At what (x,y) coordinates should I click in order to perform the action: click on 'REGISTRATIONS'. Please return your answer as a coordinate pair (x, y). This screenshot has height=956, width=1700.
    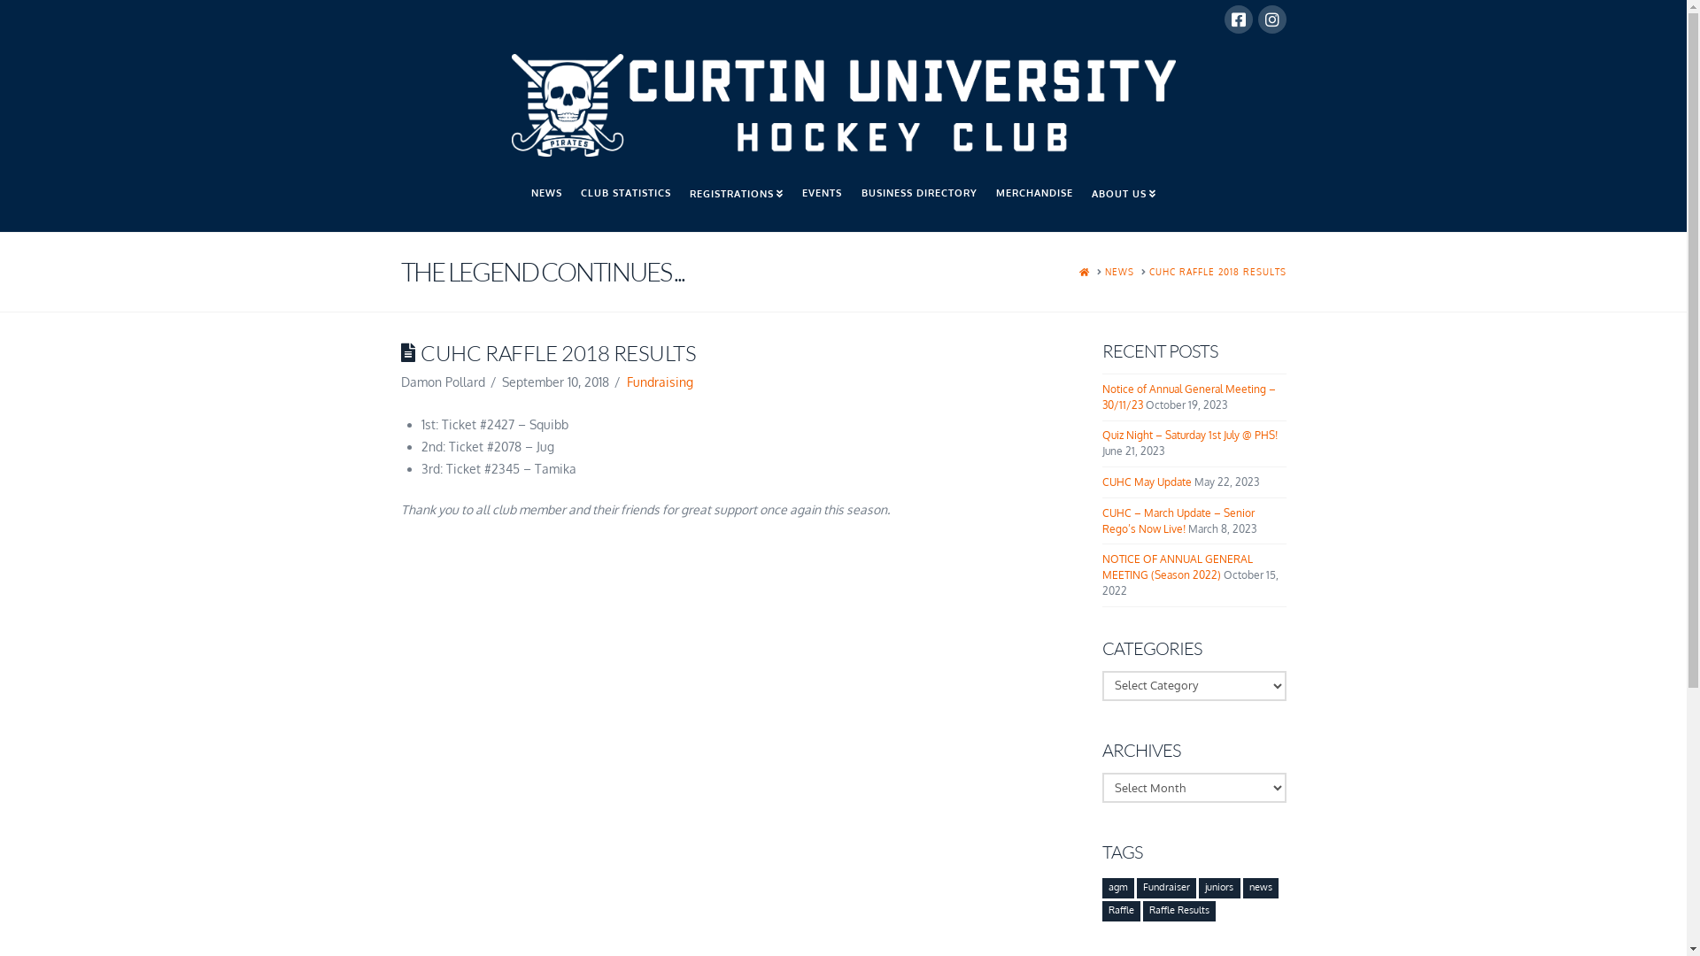
    Looking at the image, I should click on (679, 200).